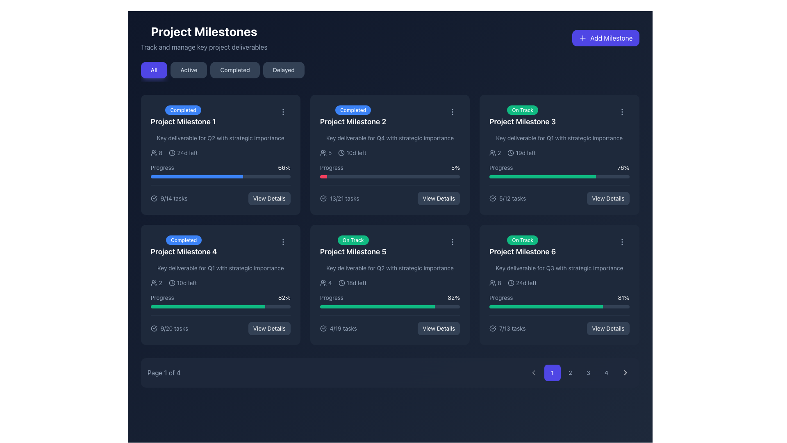 The image size is (787, 443). Describe the element at coordinates (339, 198) in the screenshot. I see `the Information label with icon that displays the current status of completed versus total tasks for 'Project Milestone 2', located below the progress bar and to the left of the 'View Details' button` at that location.